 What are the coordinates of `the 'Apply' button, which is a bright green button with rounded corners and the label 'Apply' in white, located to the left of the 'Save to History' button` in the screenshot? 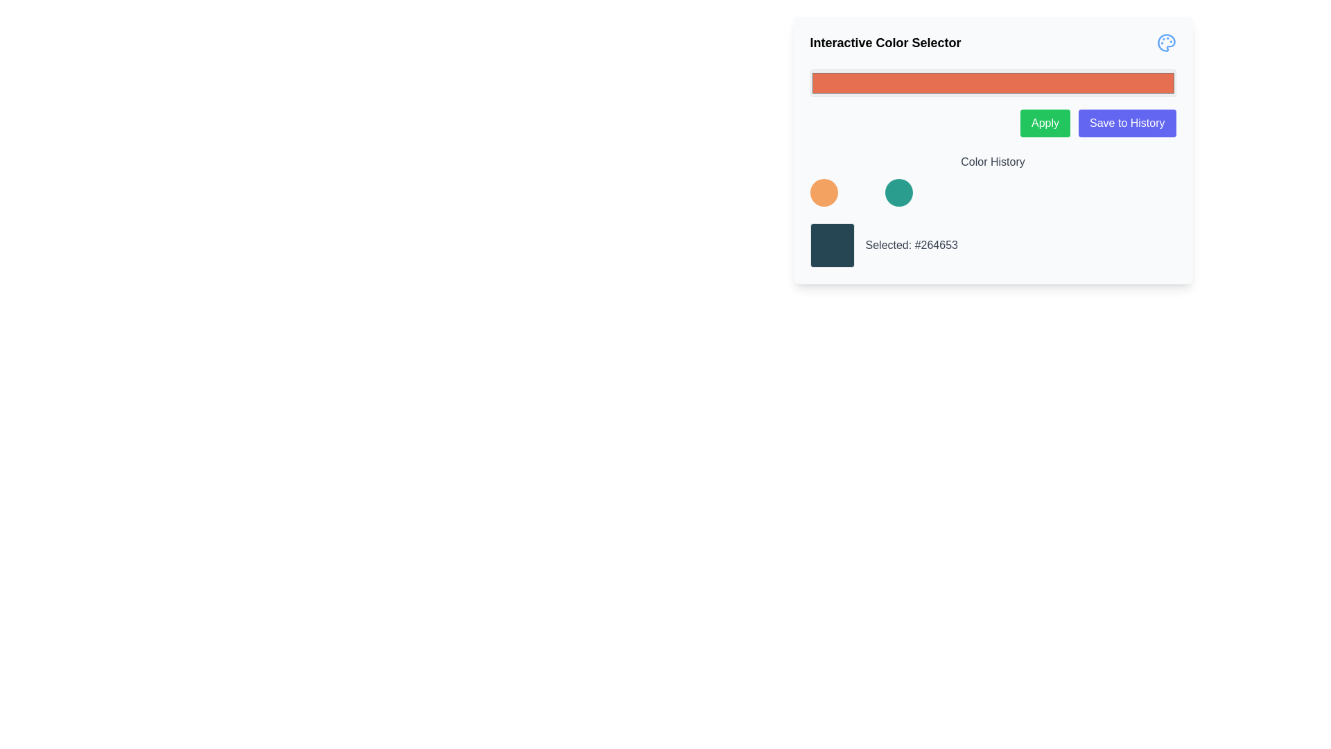 It's located at (1045, 122).